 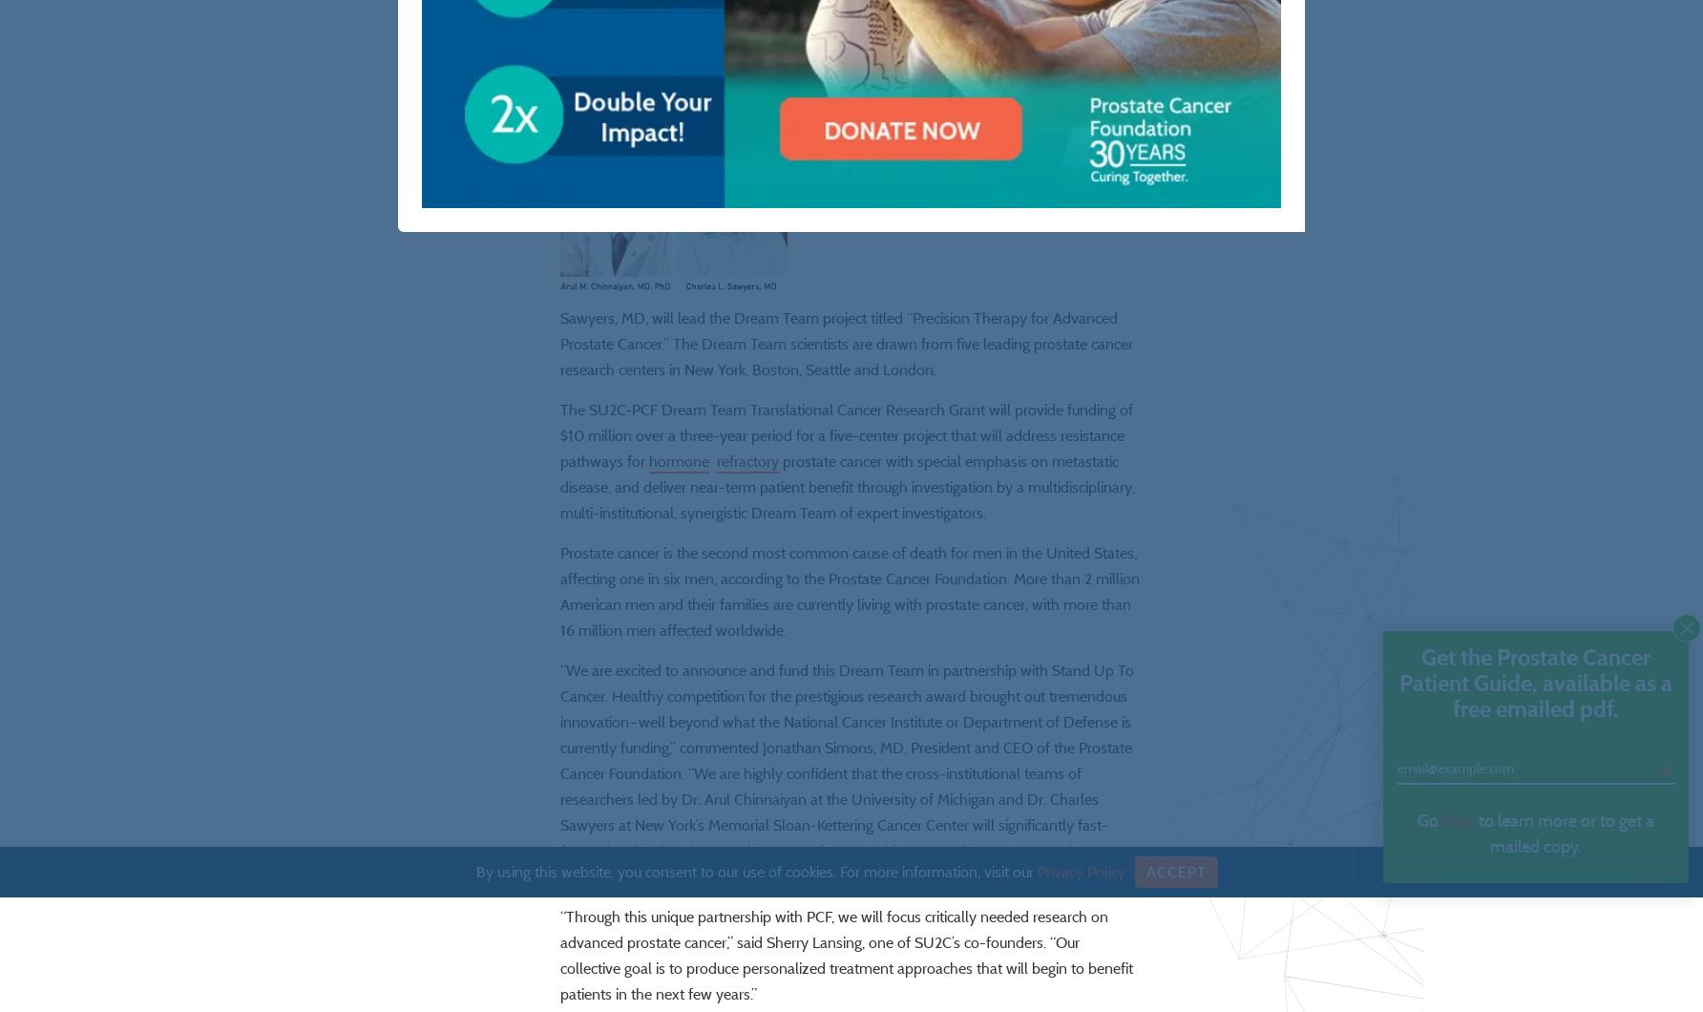 I want to click on 'Privacy Policy', so click(x=1035, y=871).